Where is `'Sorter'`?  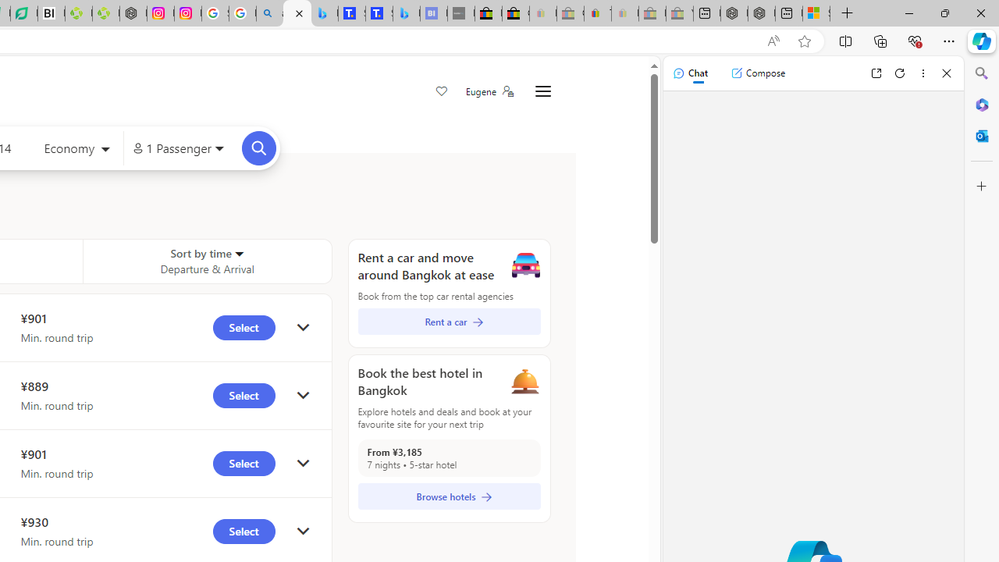 'Sorter' is located at coordinates (238, 252).